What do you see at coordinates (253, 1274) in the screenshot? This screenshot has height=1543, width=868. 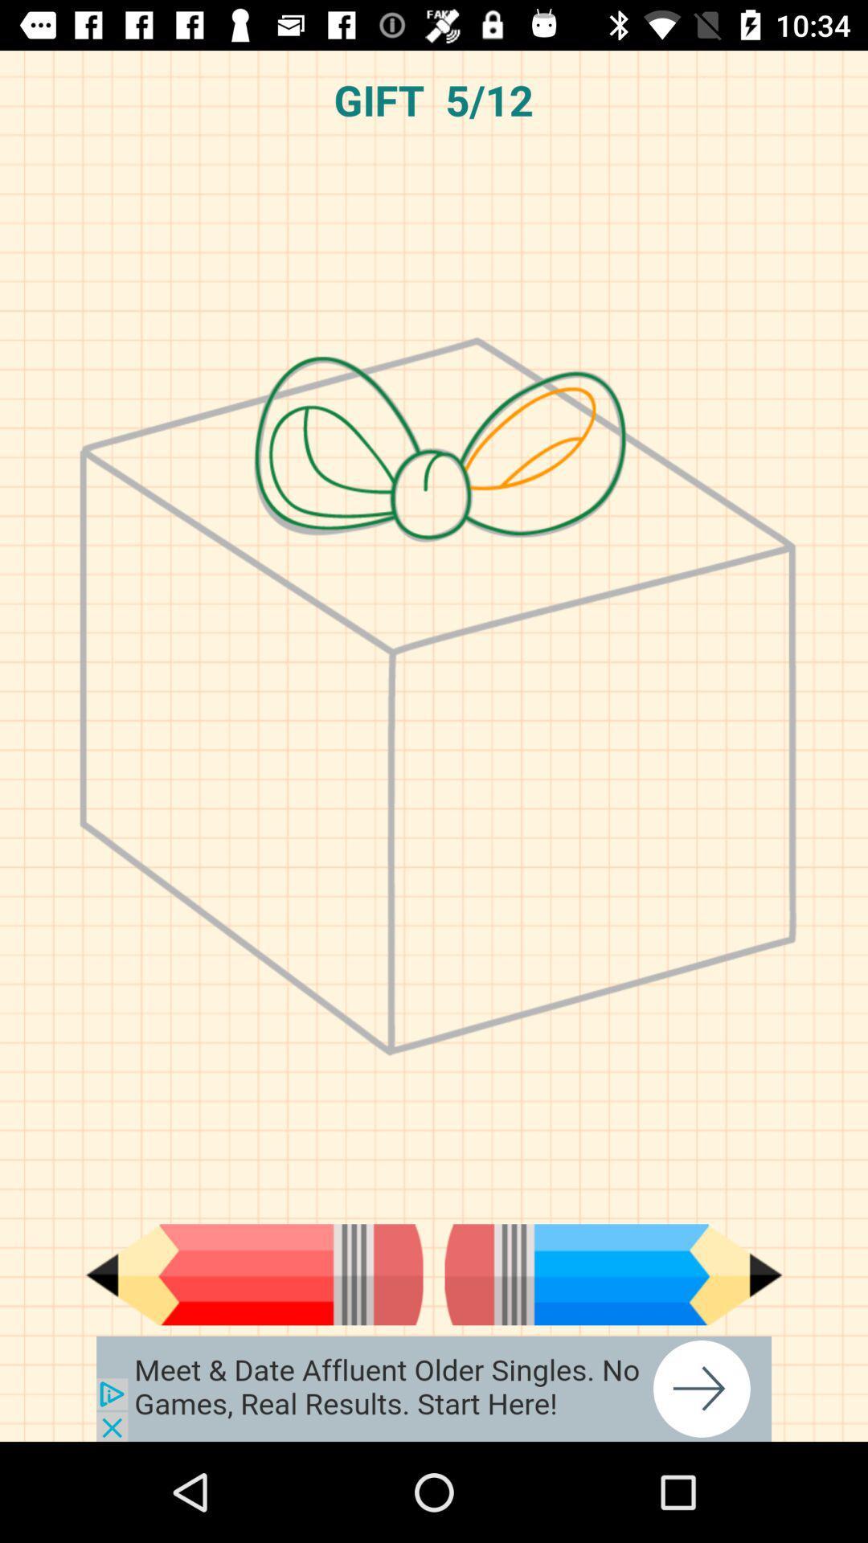 I see `go back` at bounding box center [253, 1274].